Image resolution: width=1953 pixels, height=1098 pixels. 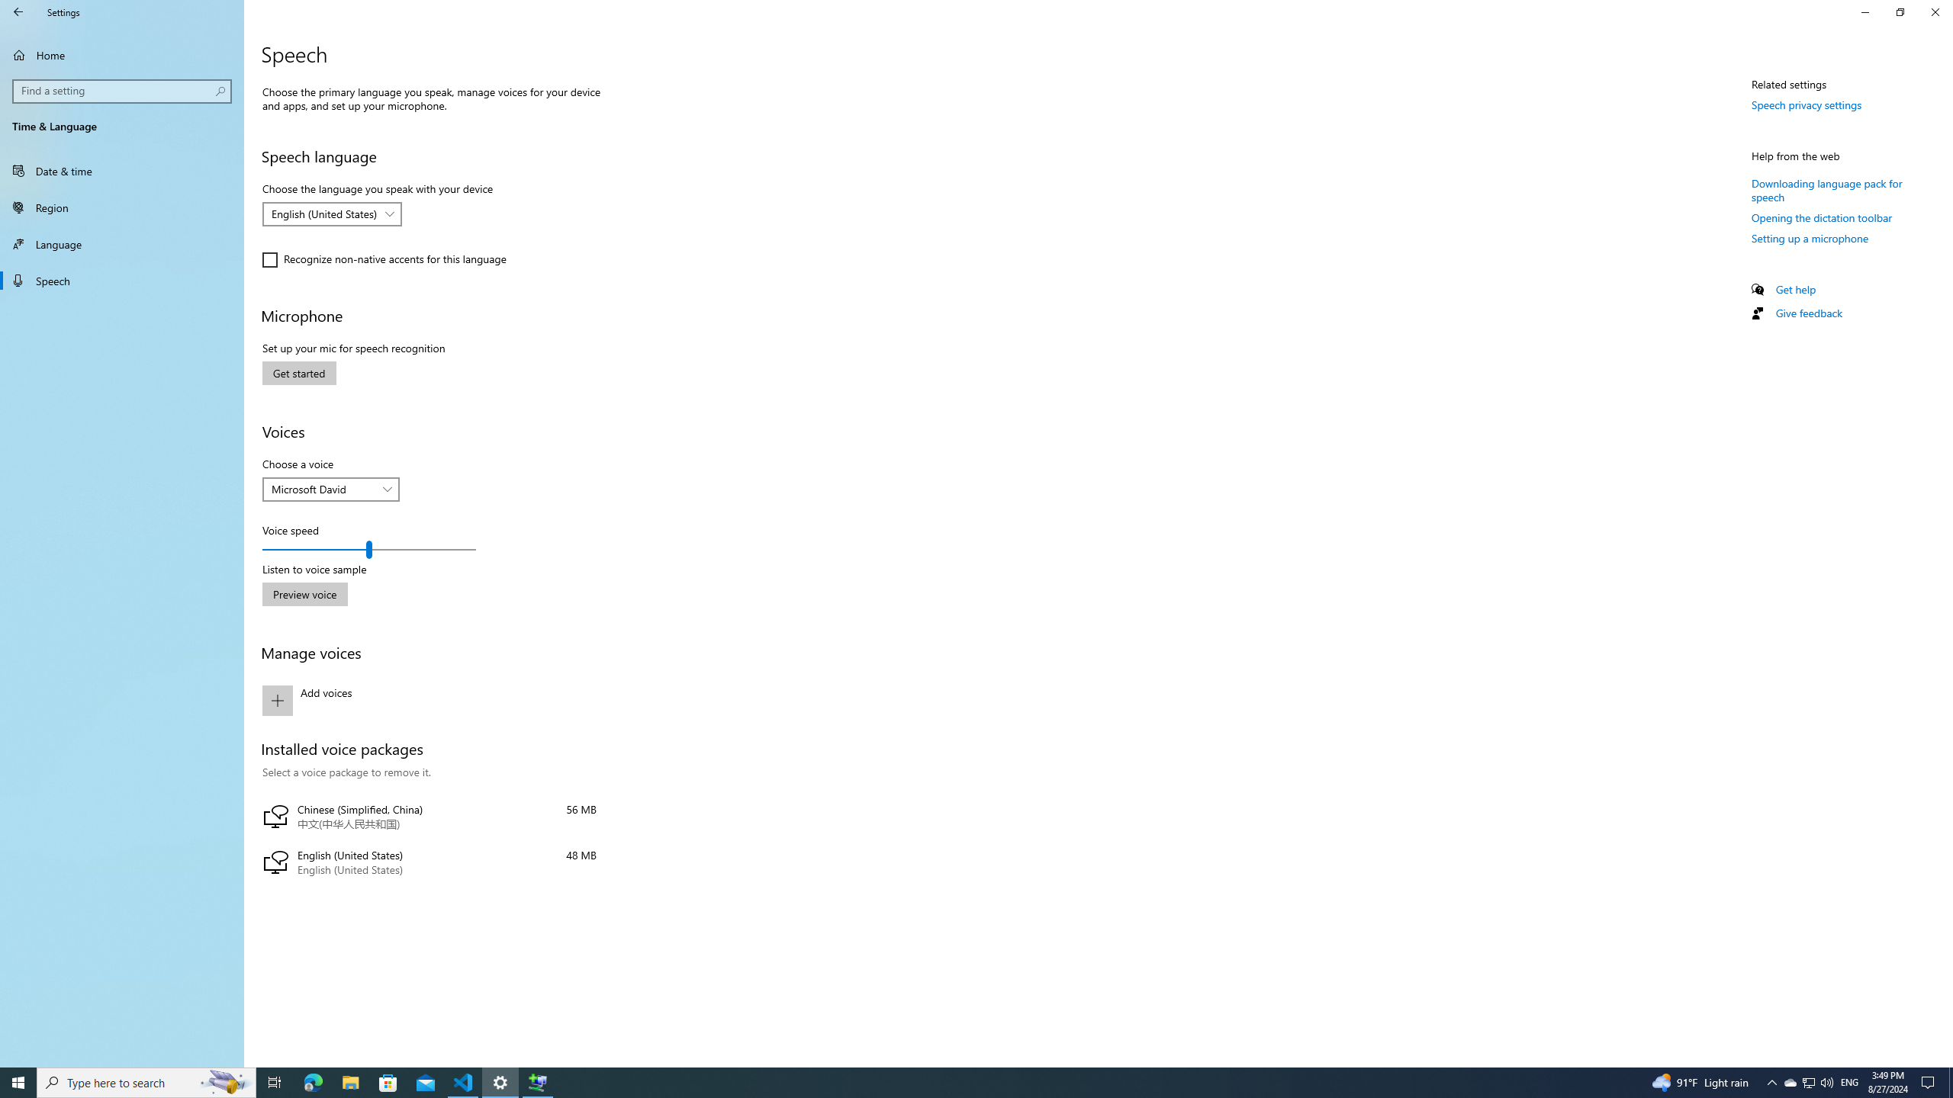 I want to click on 'Get started', so click(x=298, y=373).